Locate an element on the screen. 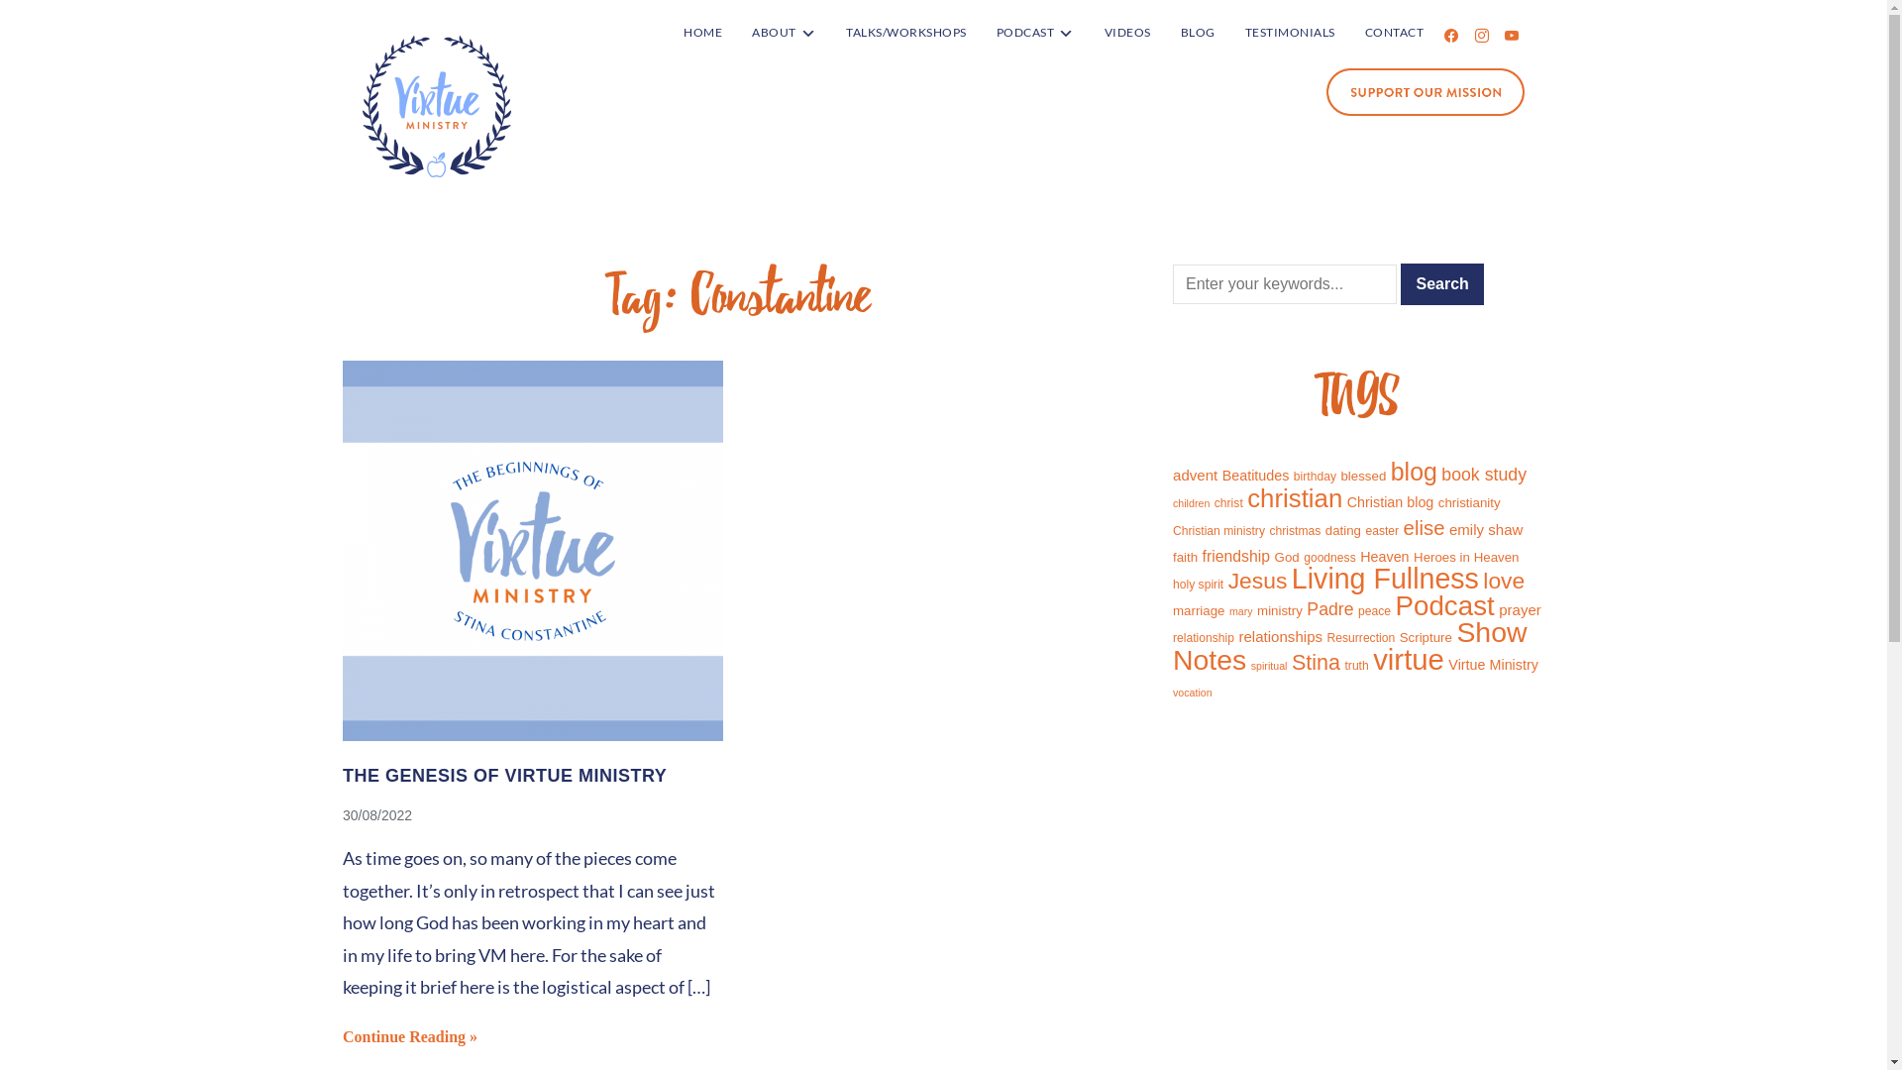 Image resolution: width=1902 pixels, height=1070 pixels. 'Show Notes' is located at coordinates (1349, 645).